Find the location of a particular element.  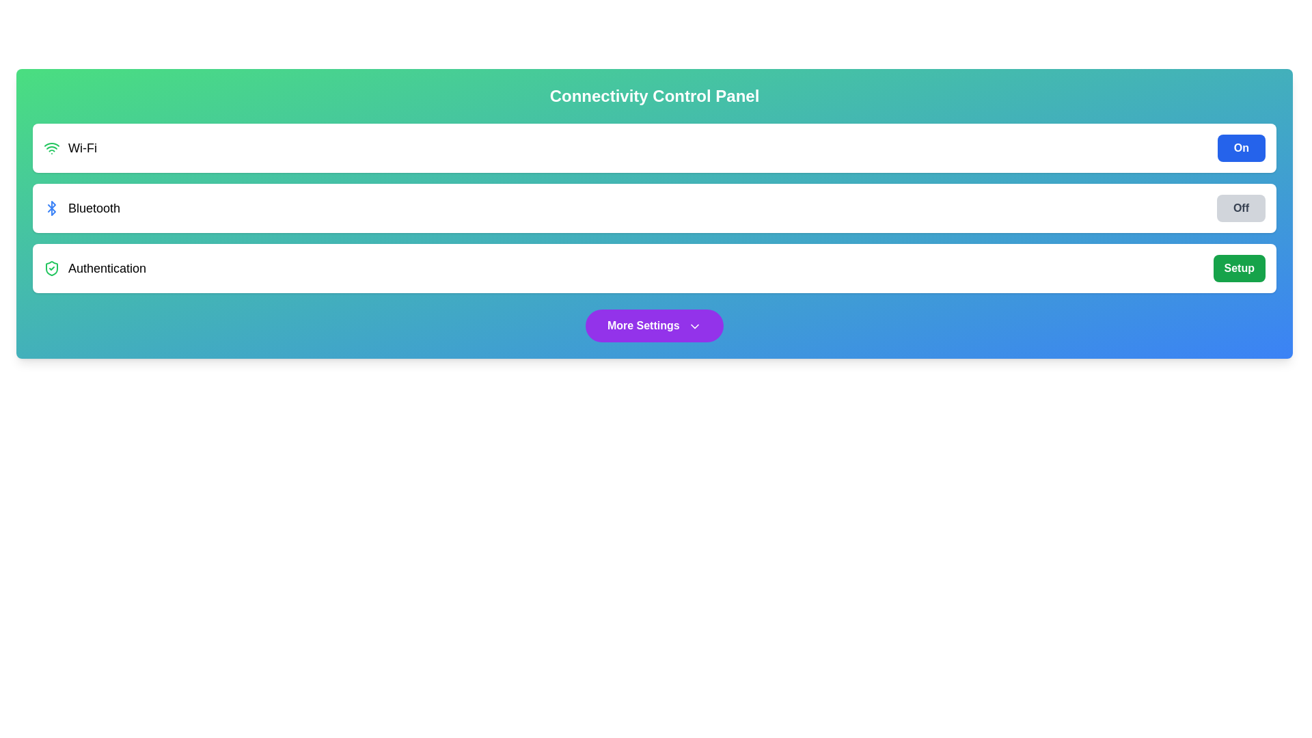

the green button labeled 'Setup' located on the far right side of the 'Authentication' section is located at coordinates (1239, 269).